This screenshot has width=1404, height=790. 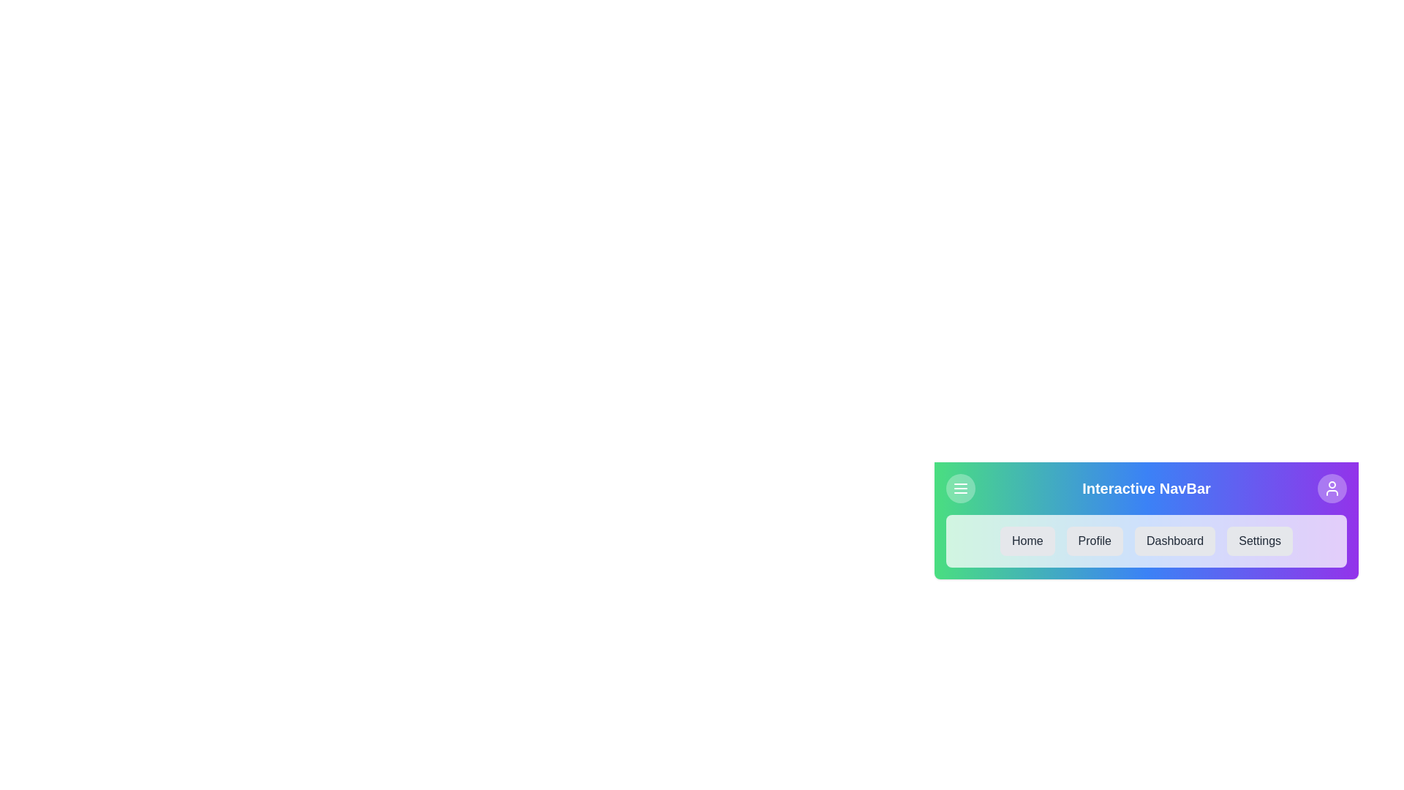 I want to click on the navigation link labeled Profile, so click(x=1095, y=541).